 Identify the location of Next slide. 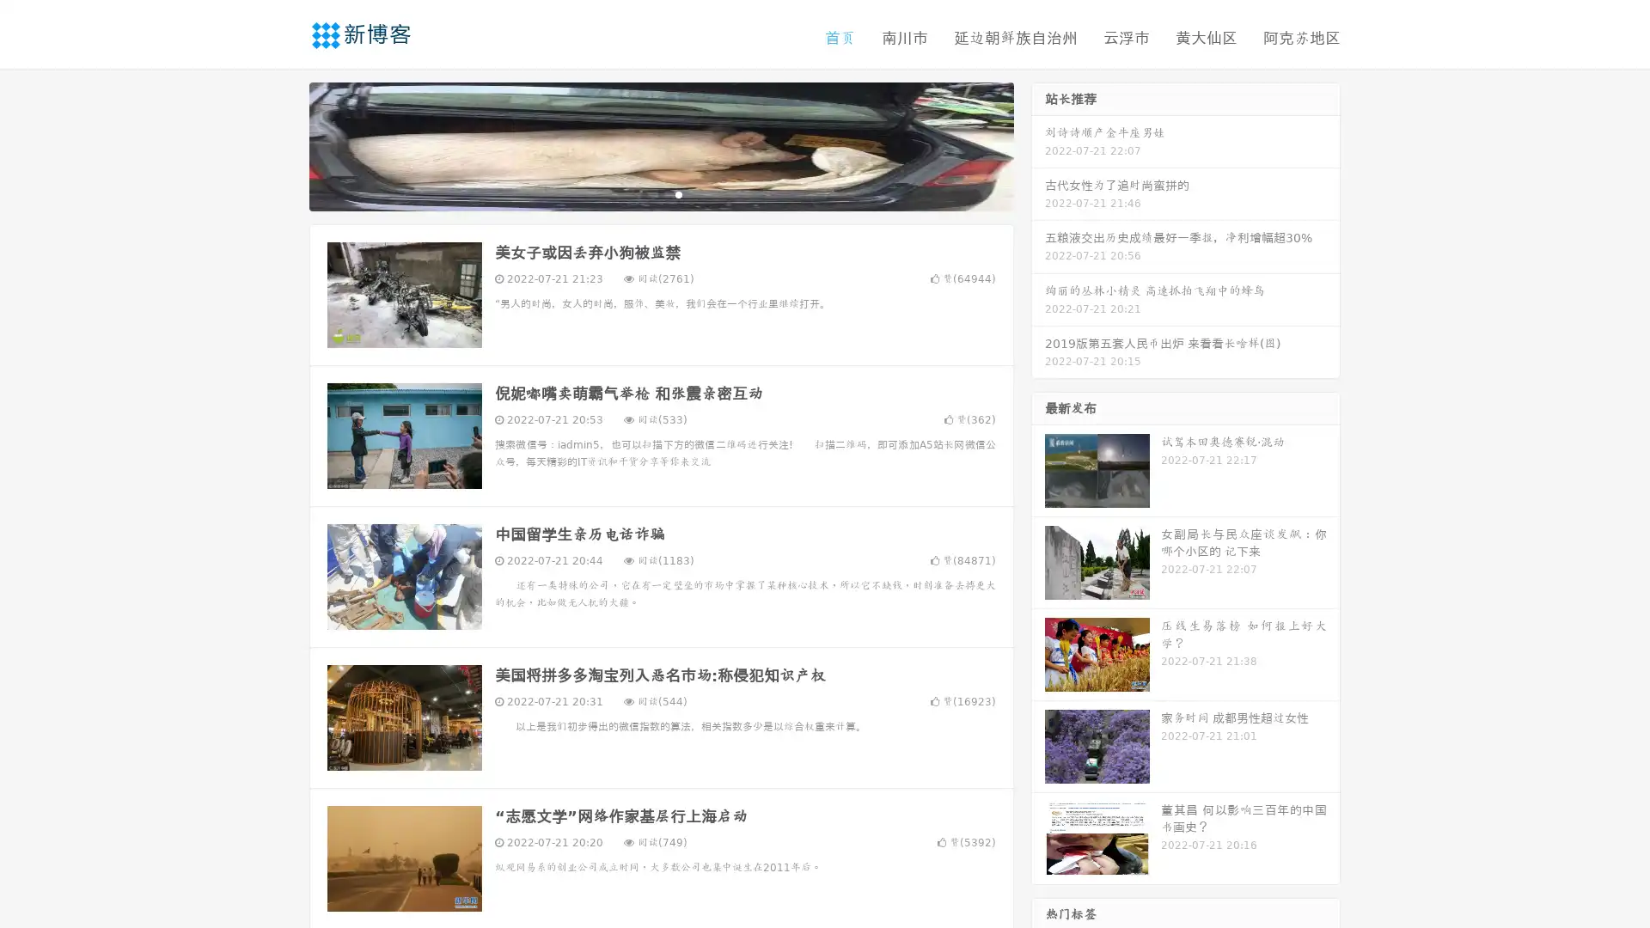
(1038, 144).